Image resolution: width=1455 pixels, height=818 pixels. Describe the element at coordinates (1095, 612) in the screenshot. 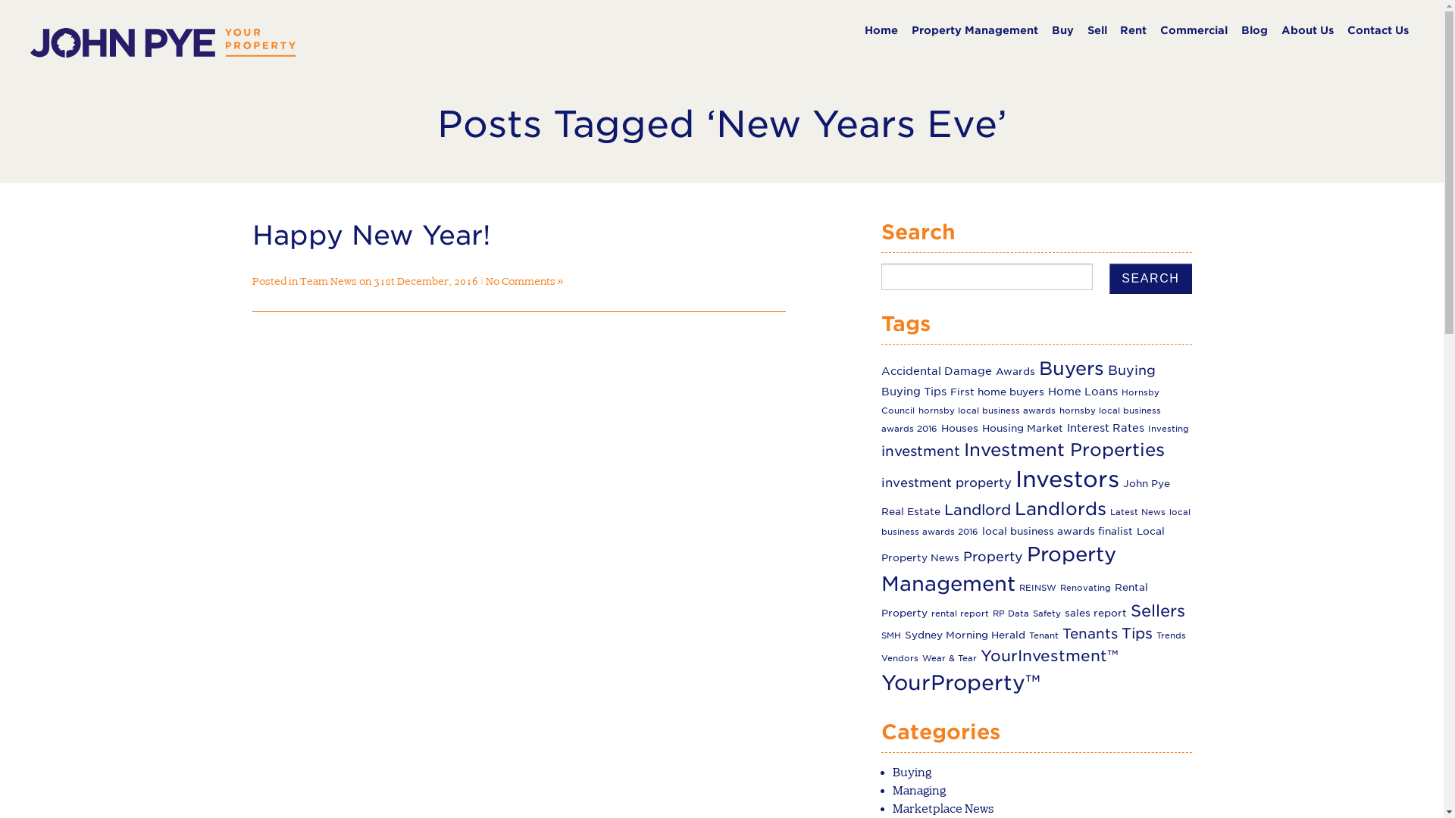

I see `'sales report'` at that location.